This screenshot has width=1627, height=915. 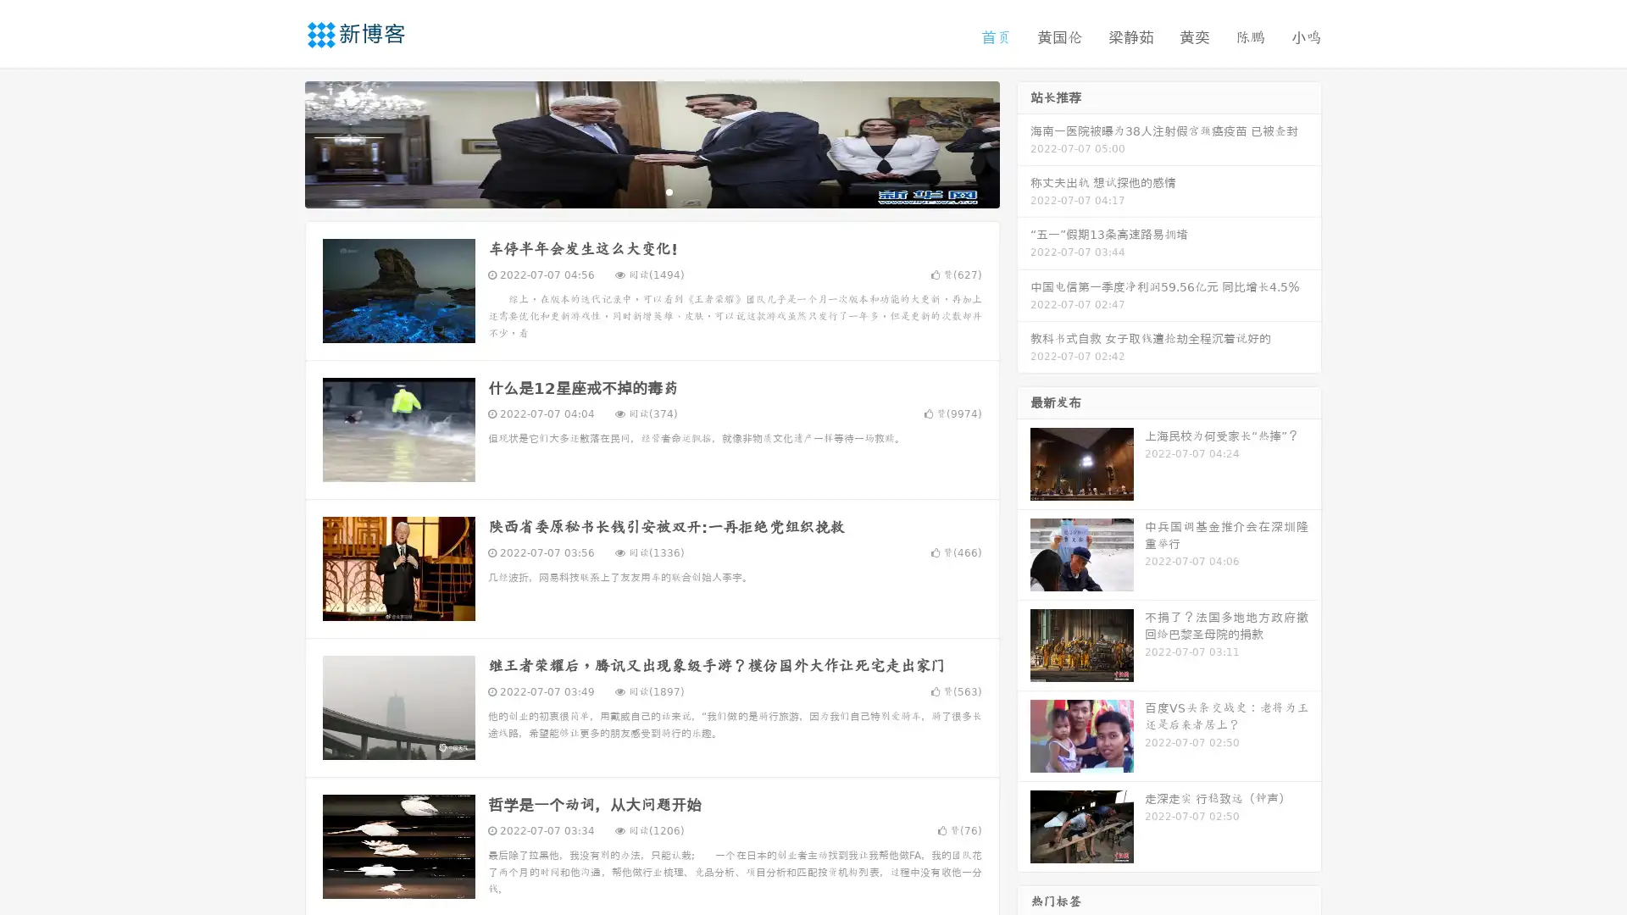 I want to click on Go to slide 2, so click(x=651, y=191).